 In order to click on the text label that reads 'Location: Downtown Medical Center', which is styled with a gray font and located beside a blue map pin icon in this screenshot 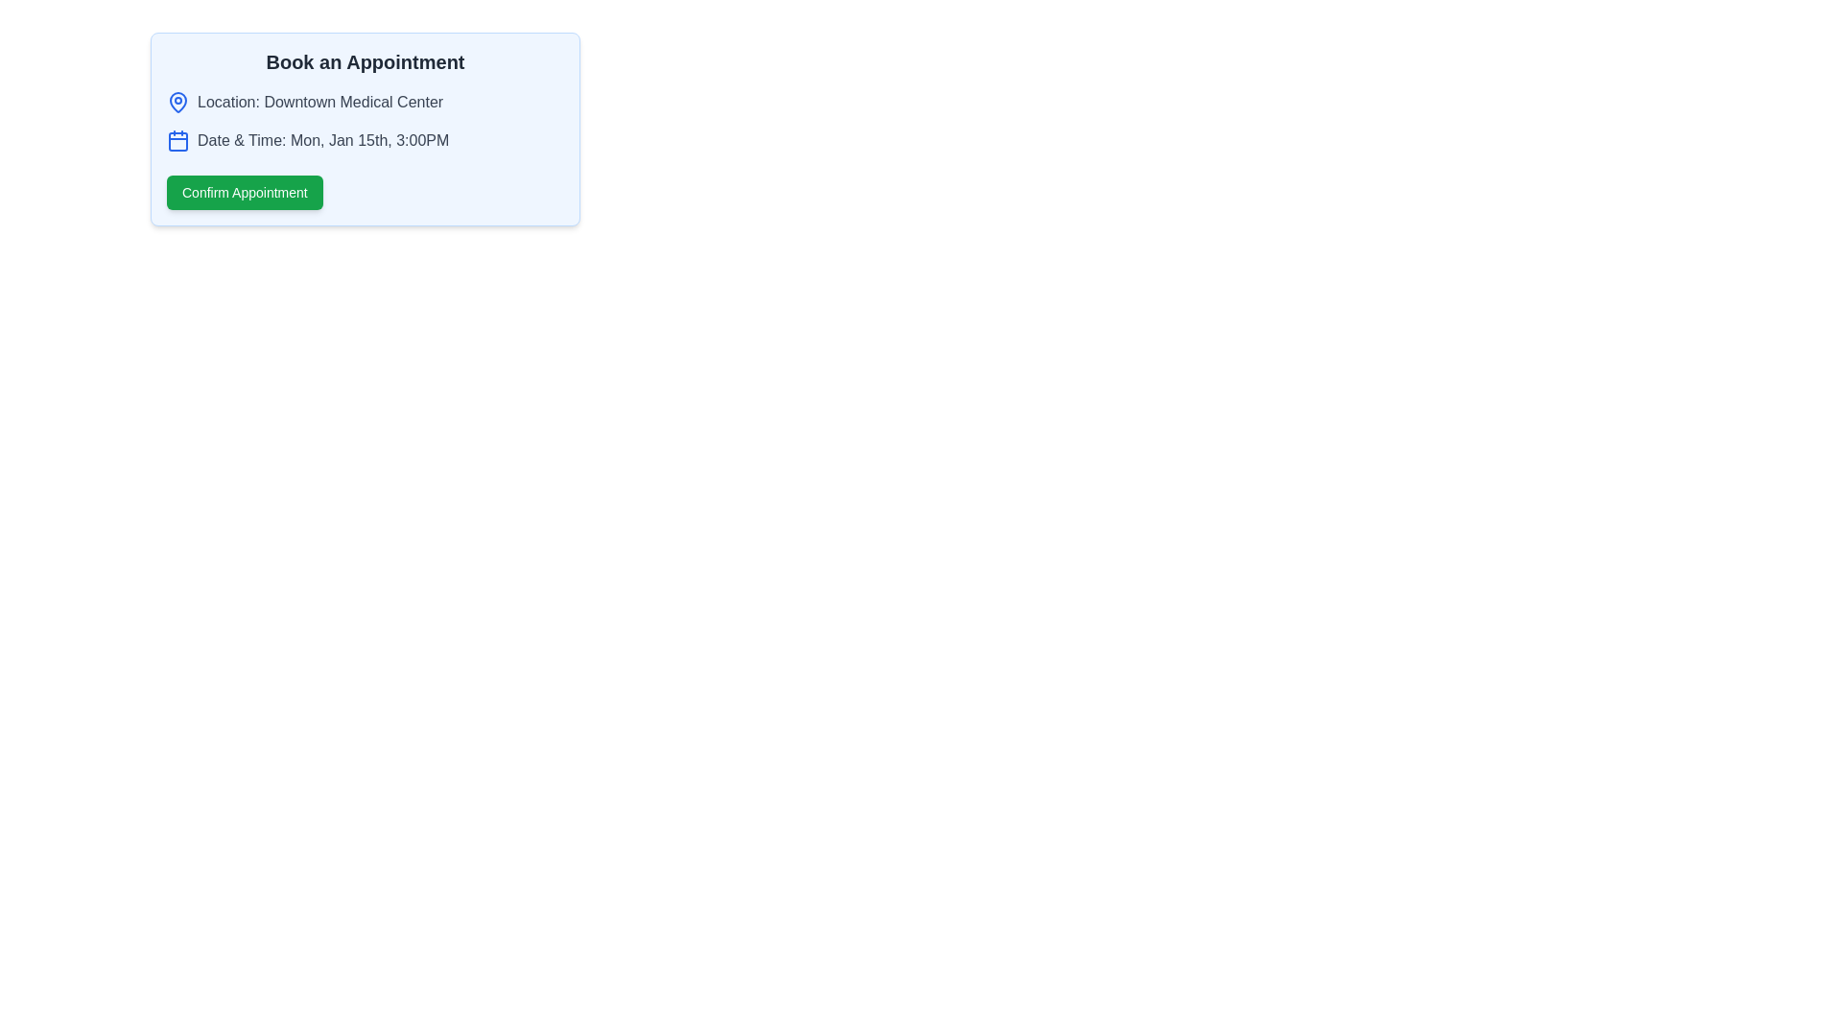, I will do `click(320, 103)`.